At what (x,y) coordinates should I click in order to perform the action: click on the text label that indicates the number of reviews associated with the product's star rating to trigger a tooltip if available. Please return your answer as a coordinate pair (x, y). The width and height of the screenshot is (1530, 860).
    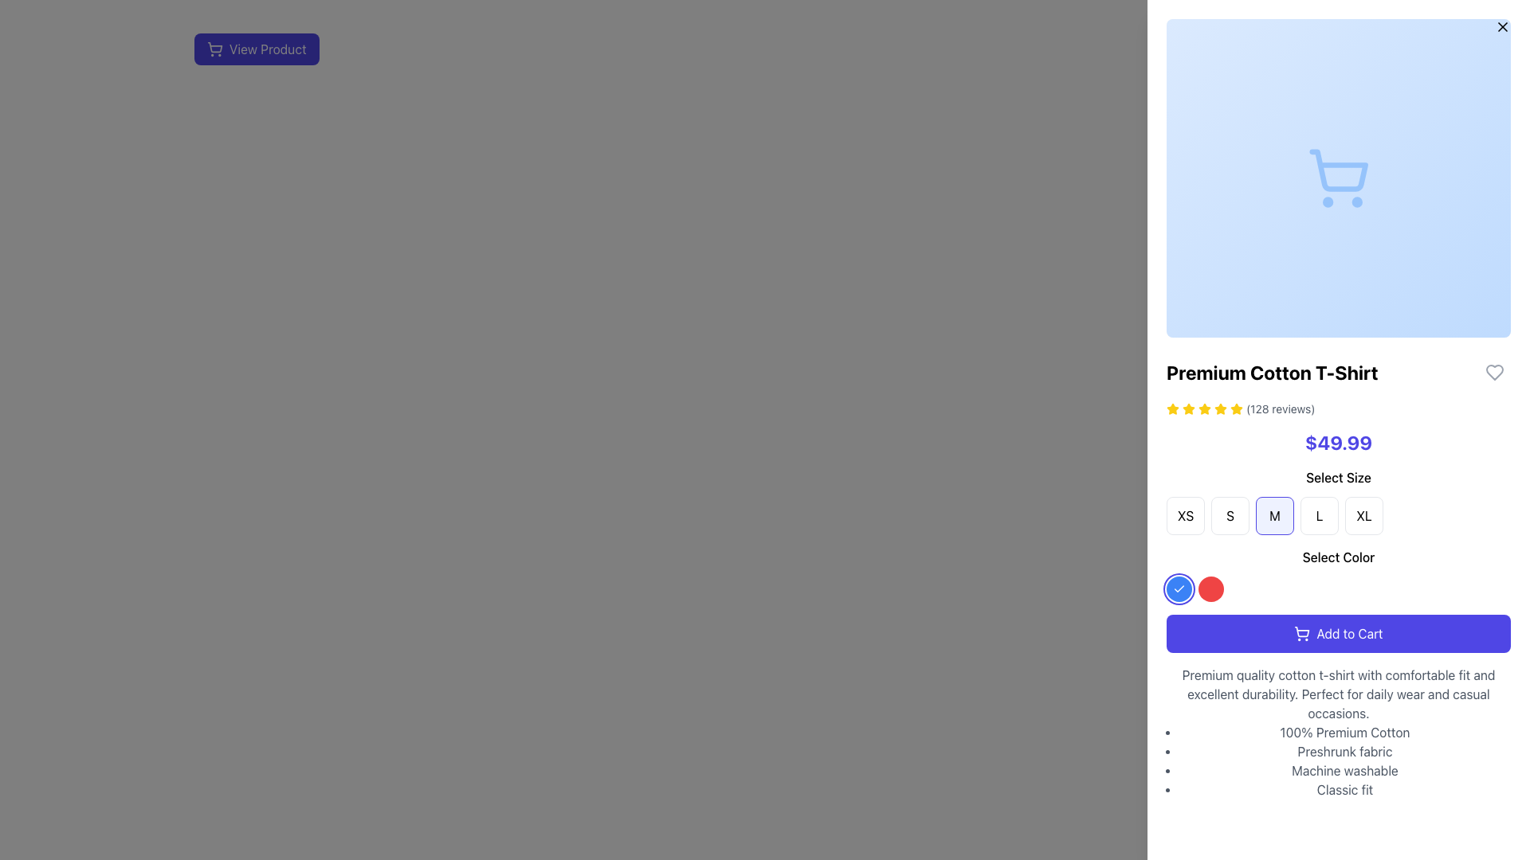
    Looking at the image, I should click on (1281, 408).